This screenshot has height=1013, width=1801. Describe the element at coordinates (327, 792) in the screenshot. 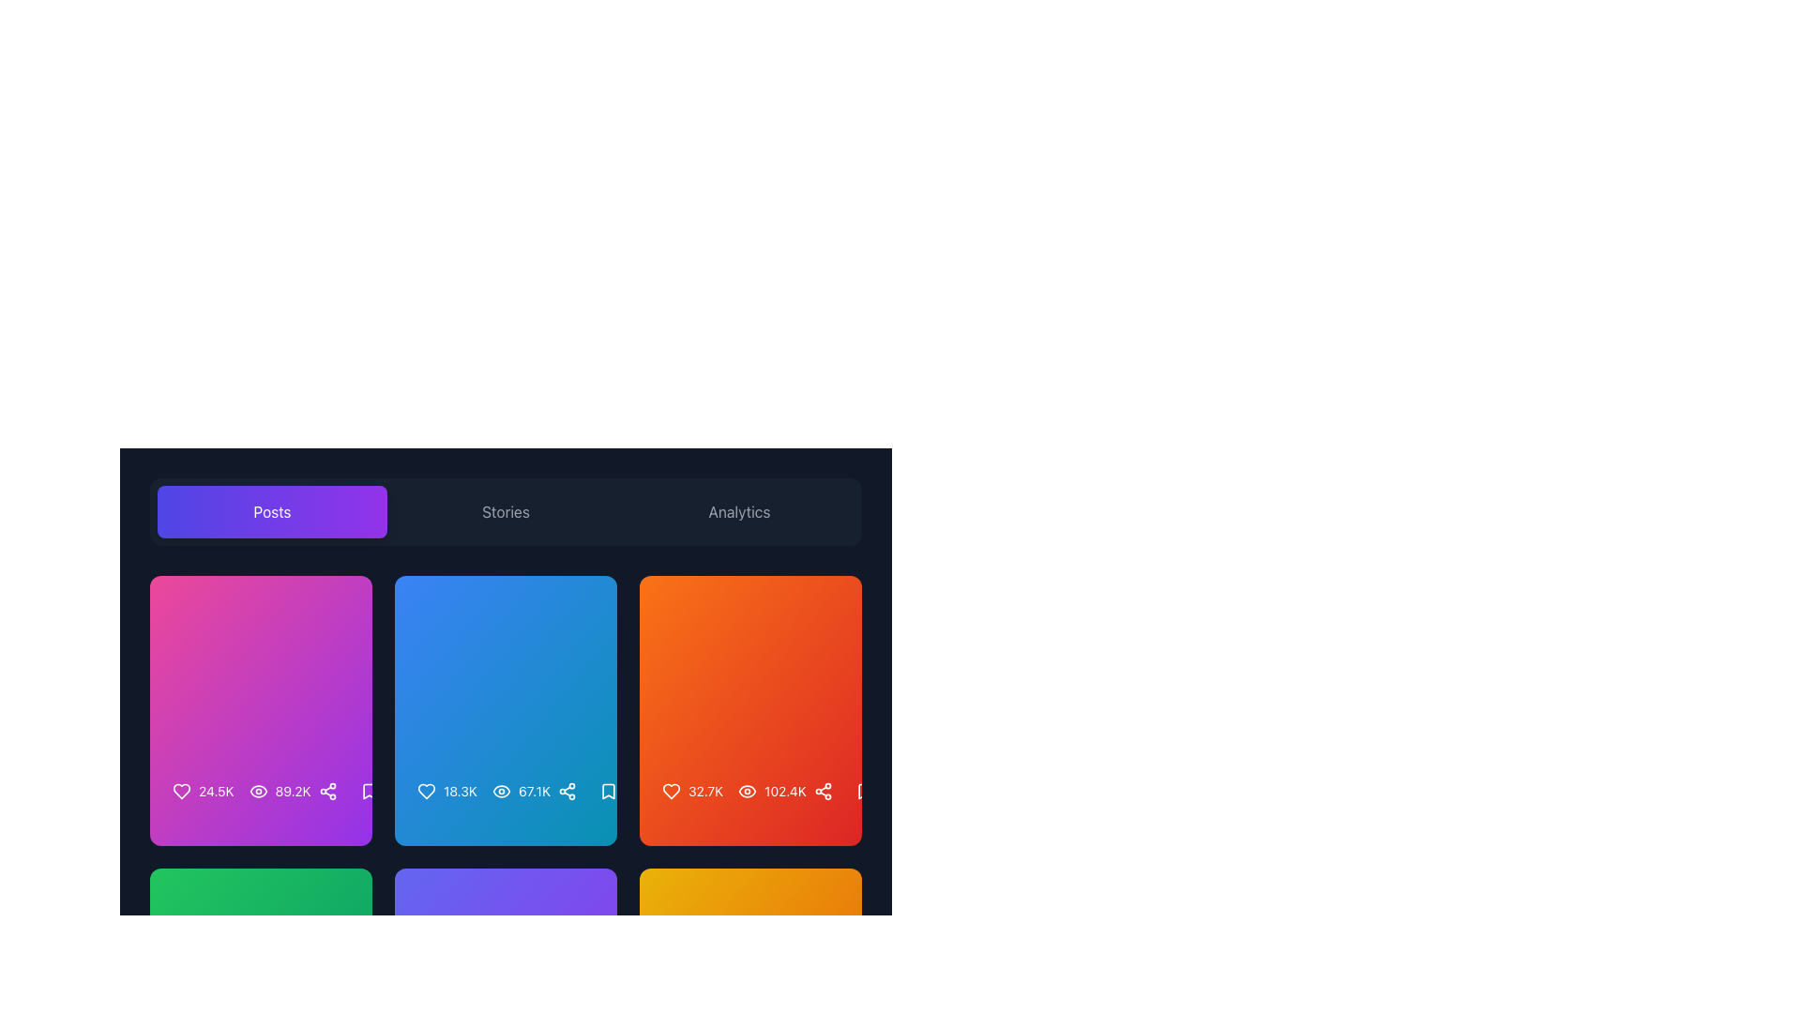

I see `the sharing icon that resembles a triangle formed by three circular nodes on a purple background, located at the bottom right corner of the leftmost card in the top row of the grid` at that location.